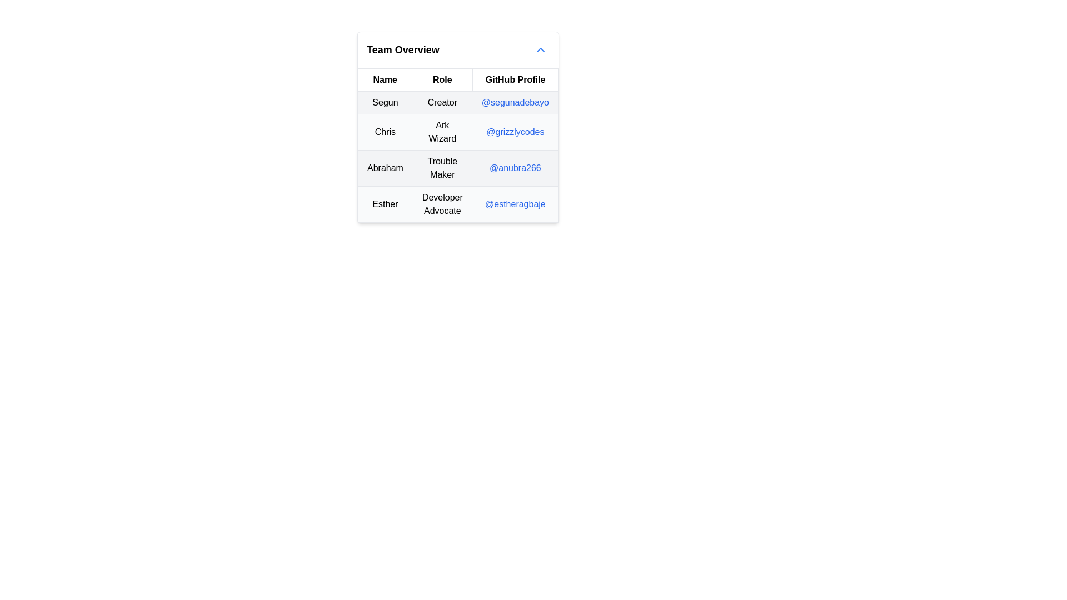  I want to click on the hyperlink for 'Chris' in the GitHub Profile column, so click(515, 132).